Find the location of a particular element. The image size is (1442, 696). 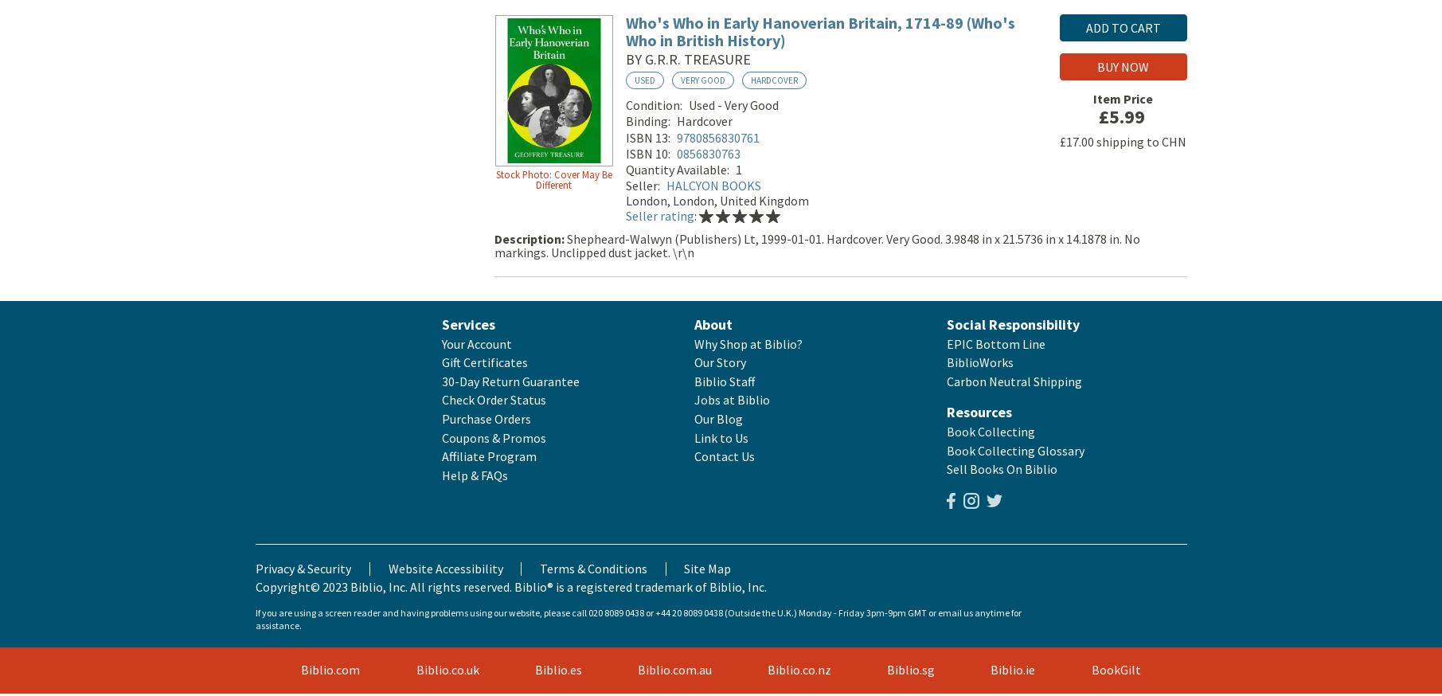

'Sell Books On Biblio' is located at coordinates (1002, 471).